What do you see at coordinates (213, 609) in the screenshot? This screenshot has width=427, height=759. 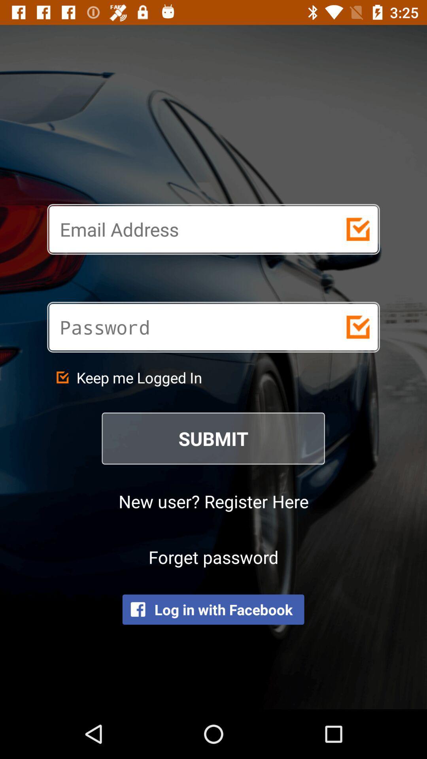 I see `the log in with` at bounding box center [213, 609].